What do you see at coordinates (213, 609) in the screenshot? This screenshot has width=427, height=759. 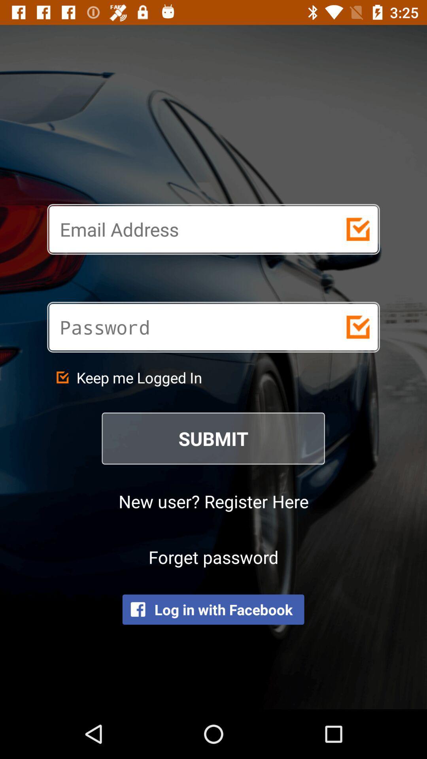 I see `the log in with` at bounding box center [213, 609].